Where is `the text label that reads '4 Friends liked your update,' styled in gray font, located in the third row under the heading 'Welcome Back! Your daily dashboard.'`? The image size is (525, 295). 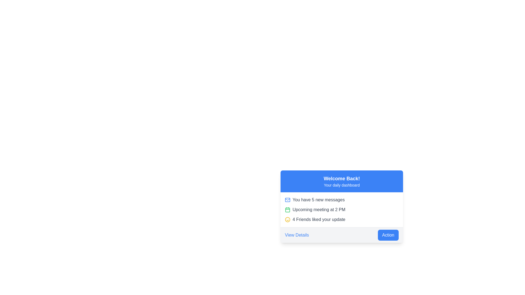 the text label that reads '4 Friends liked your update,' styled in gray font, located in the third row under the heading 'Welcome Back! Your daily dashboard.' is located at coordinates (319, 219).